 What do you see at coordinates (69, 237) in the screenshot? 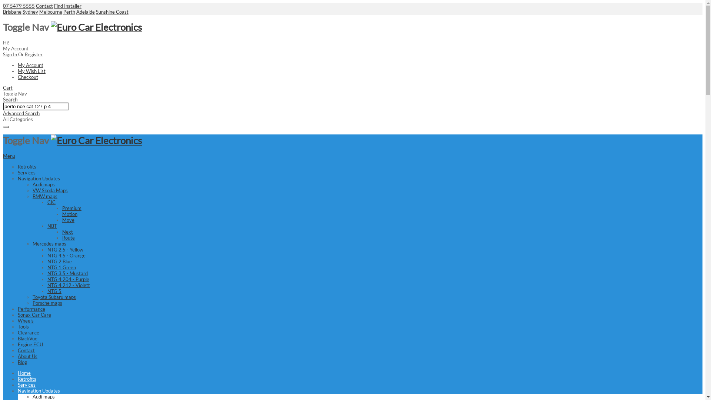
I see `'Route'` at bounding box center [69, 237].